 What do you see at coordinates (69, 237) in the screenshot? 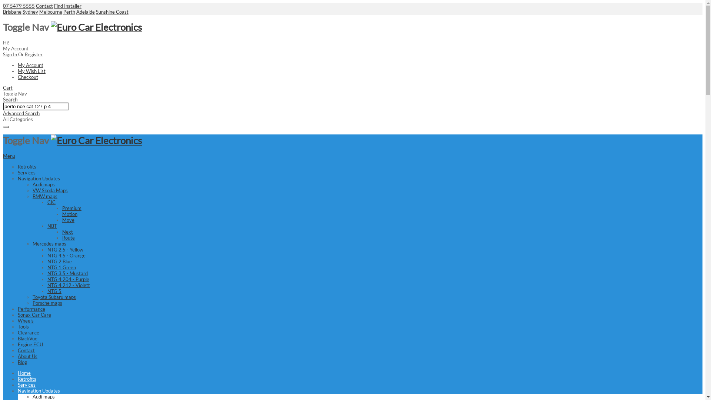
I see `'Route'` at bounding box center [69, 237].